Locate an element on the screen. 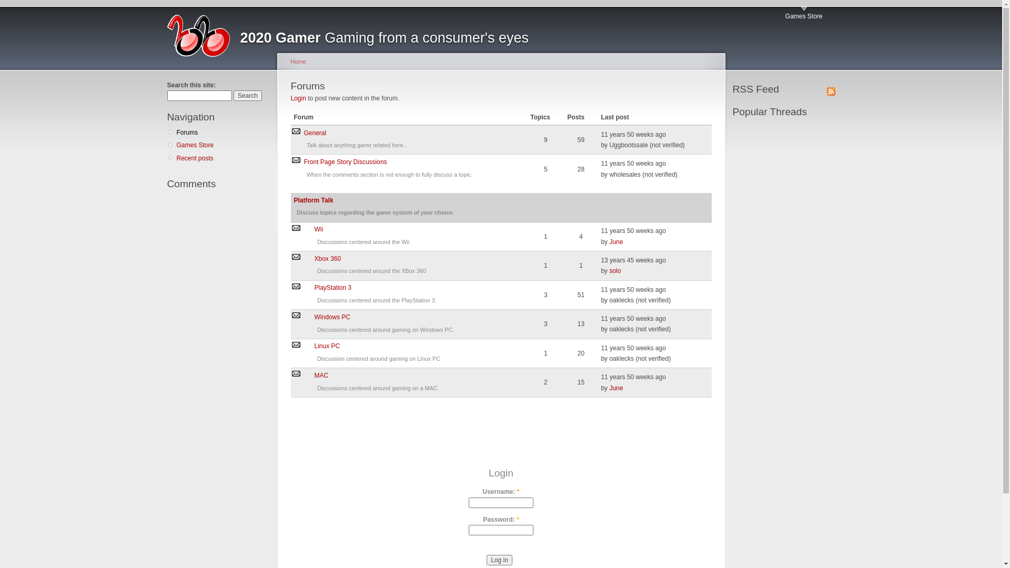  'Games Store' is located at coordinates (223, 145).